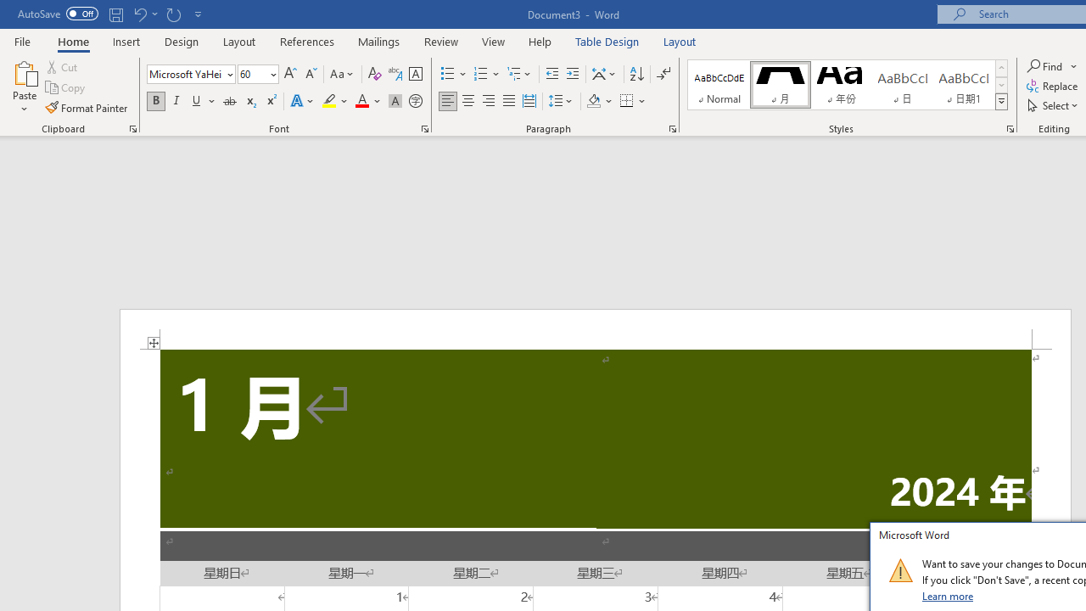 This screenshot has height=611, width=1086. I want to click on 'Repeat Style', so click(173, 14).